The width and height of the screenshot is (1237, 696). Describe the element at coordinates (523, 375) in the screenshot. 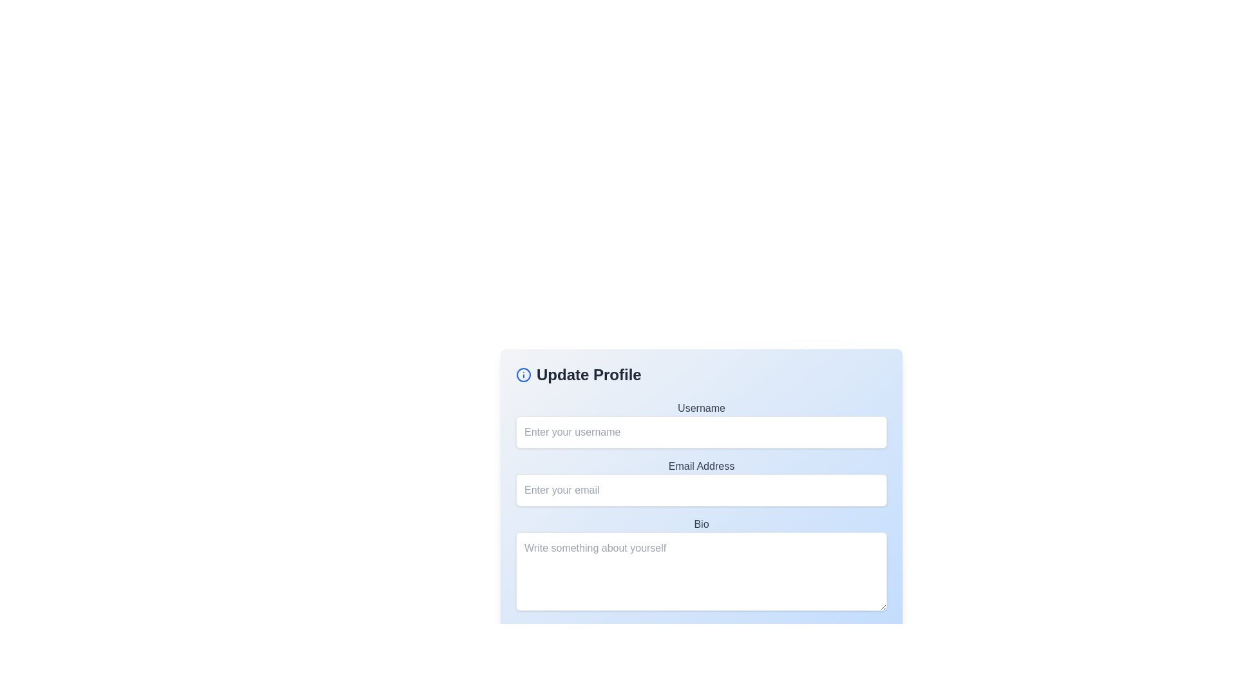

I see `the circular icon with a blue outline and a central vertical line capped with a small dot, located to the left of the 'Update Profile' text heading` at that location.